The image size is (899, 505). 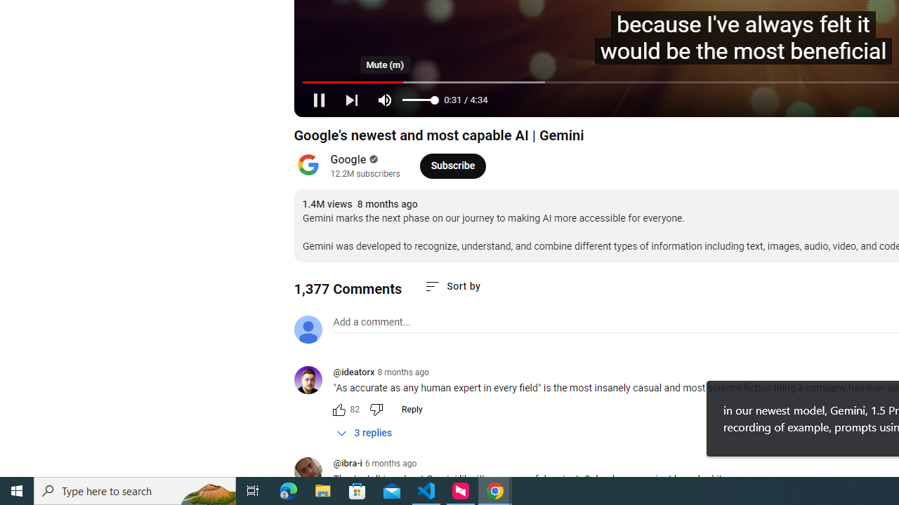 I want to click on 'Volume', so click(x=419, y=99).